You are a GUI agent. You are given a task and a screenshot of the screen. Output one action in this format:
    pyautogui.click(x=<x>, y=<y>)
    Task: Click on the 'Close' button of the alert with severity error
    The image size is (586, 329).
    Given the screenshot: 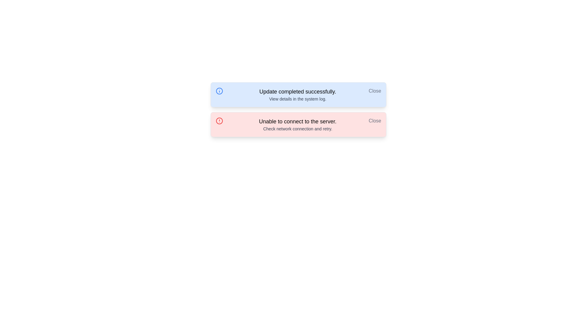 What is the action you would take?
    pyautogui.click(x=374, y=121)
    